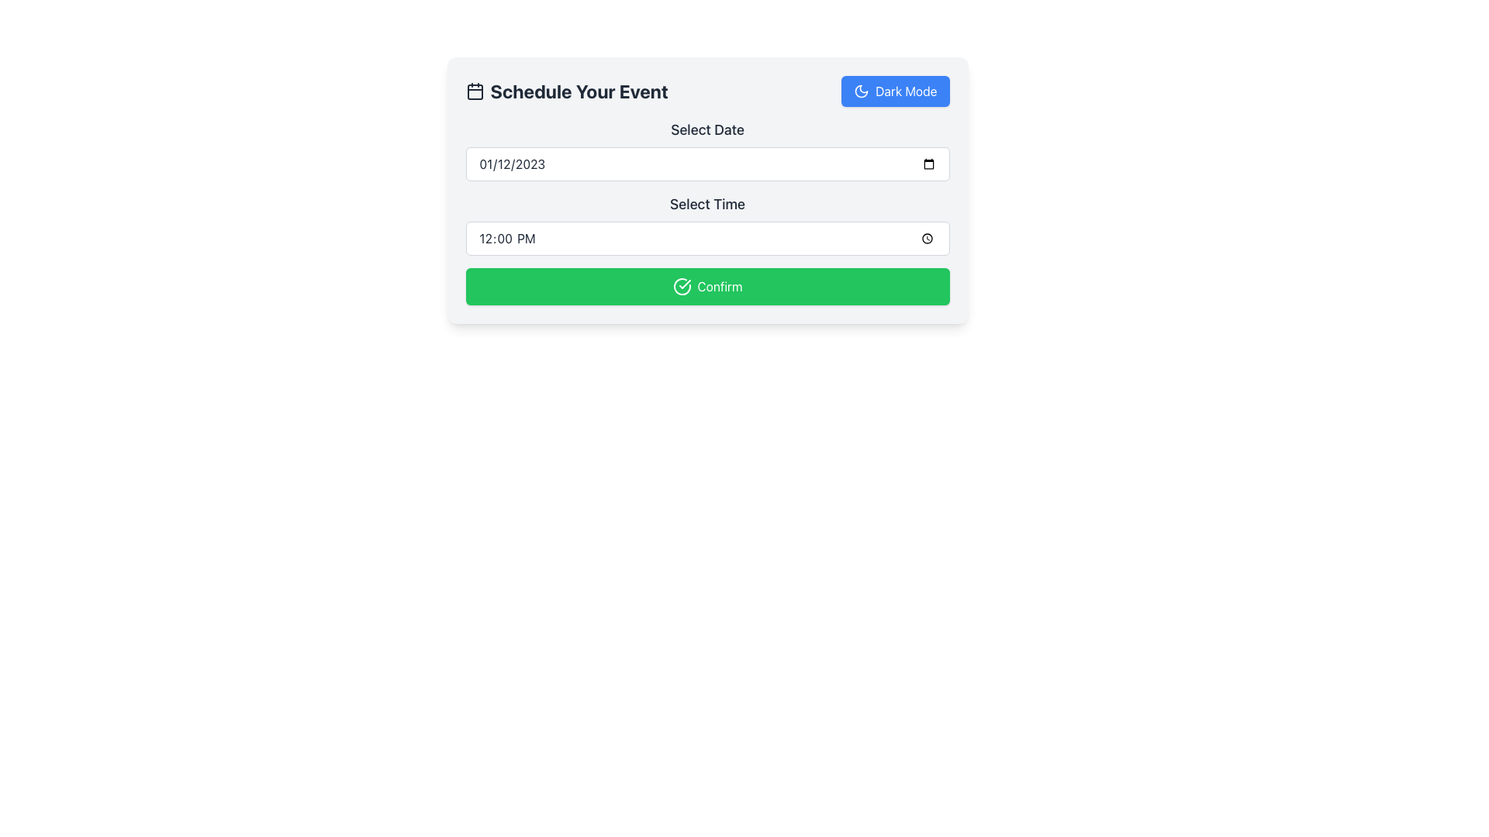 This screenshot has height=837, width=1489. Describe the element at coordinates (706, 203) in the screenshot. I see `the text label displaying 'Select Time', which is a large, bold font in dark color, positioned centrally above the time input field` at that location.